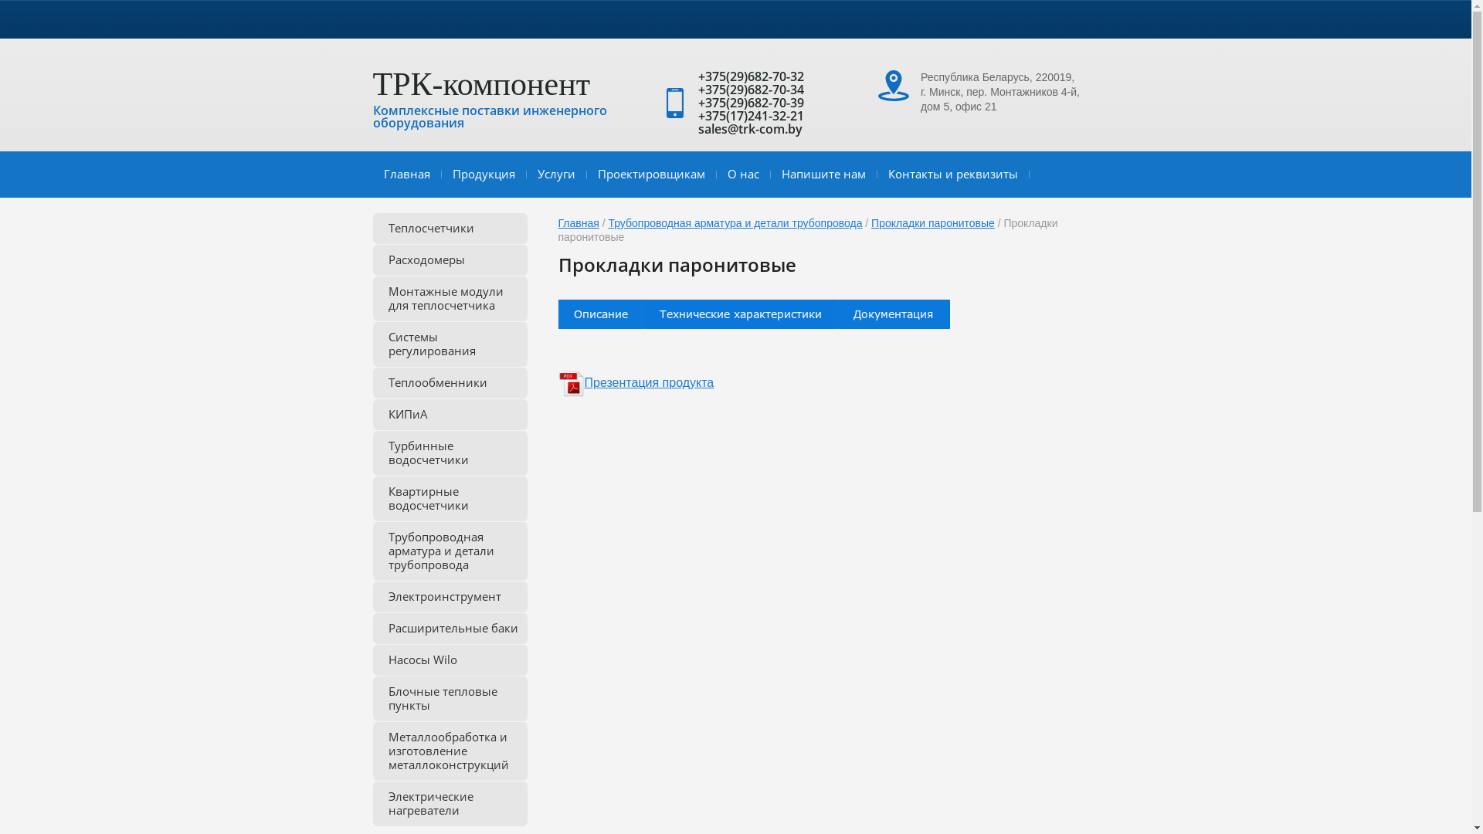  What do you see at coordinates (697, 127) in the screenshot?
I see `'sales@trk-com.by'` at bounding box center [697, 127].